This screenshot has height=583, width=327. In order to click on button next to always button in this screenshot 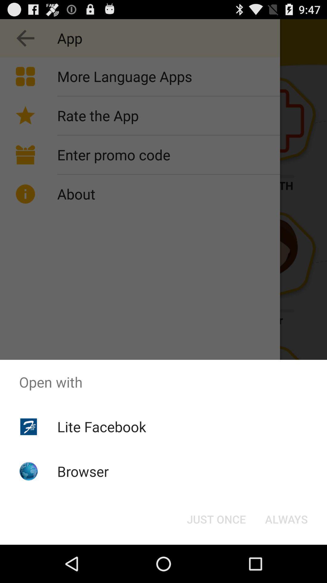, I will do `click(216, 519)`.